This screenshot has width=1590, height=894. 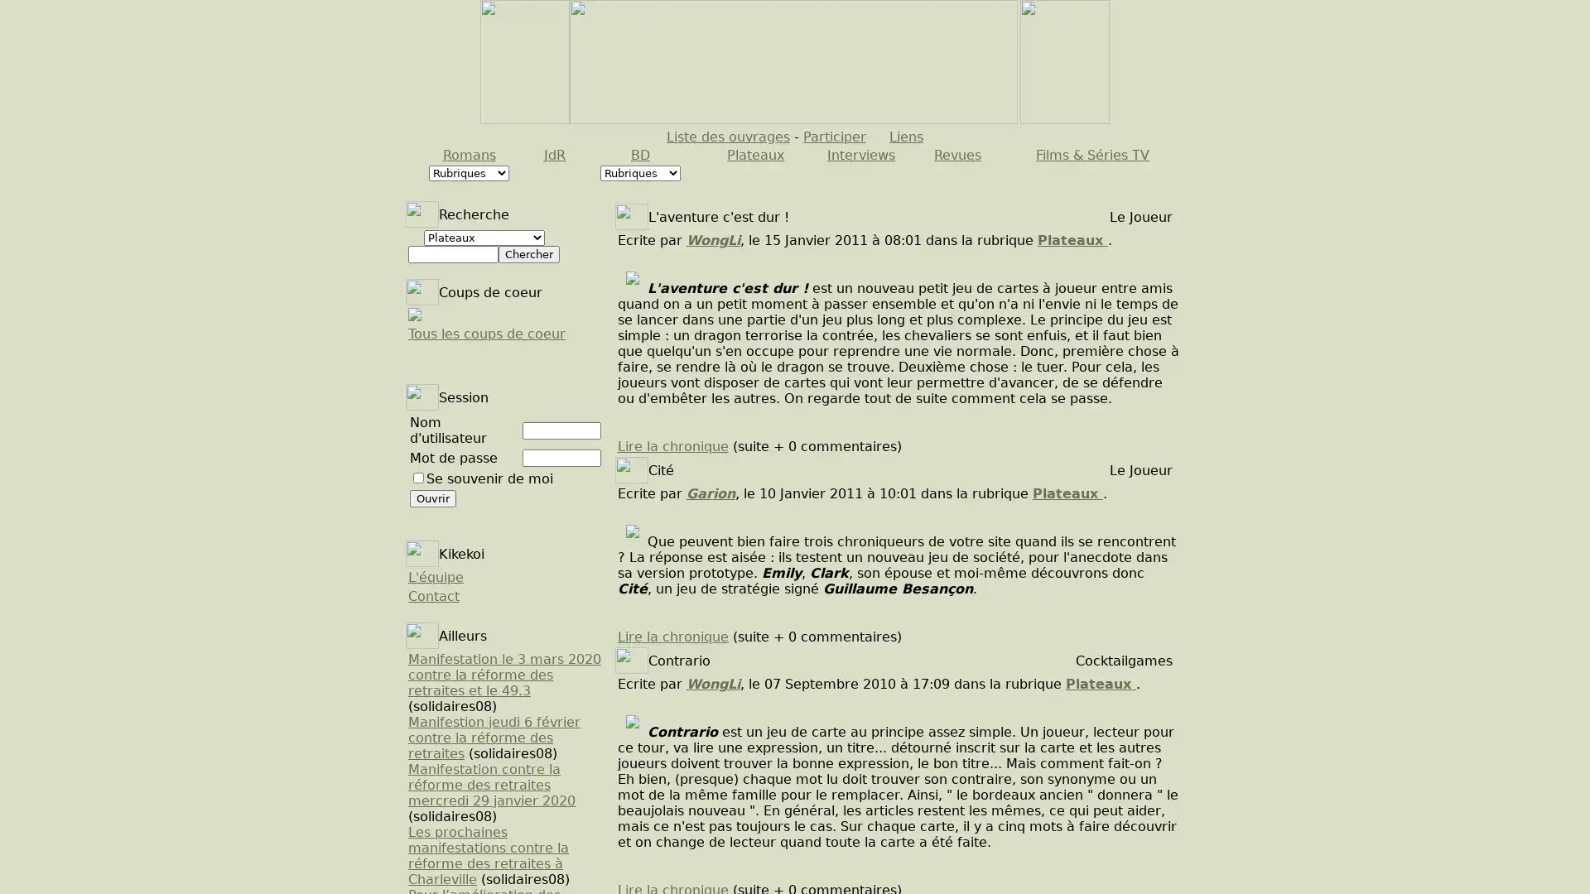 I want to click on Chercher, so click(x=528, y=254).